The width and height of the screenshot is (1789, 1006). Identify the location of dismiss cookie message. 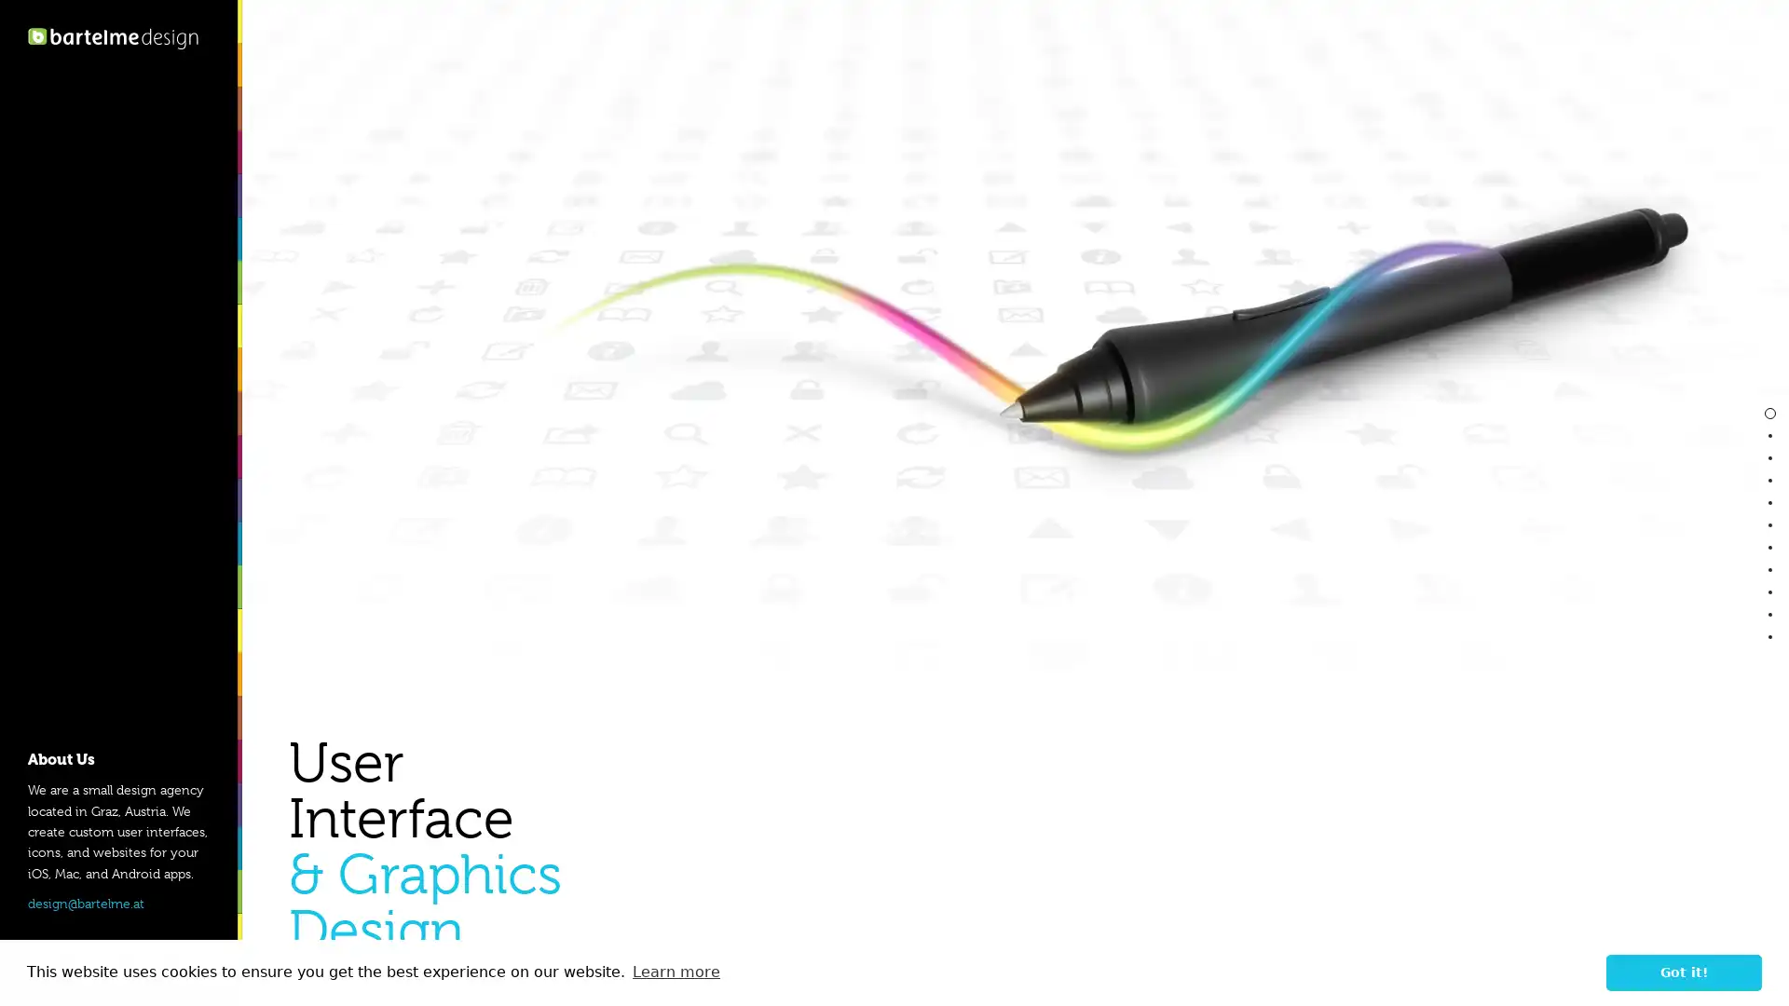
(1684, 972).